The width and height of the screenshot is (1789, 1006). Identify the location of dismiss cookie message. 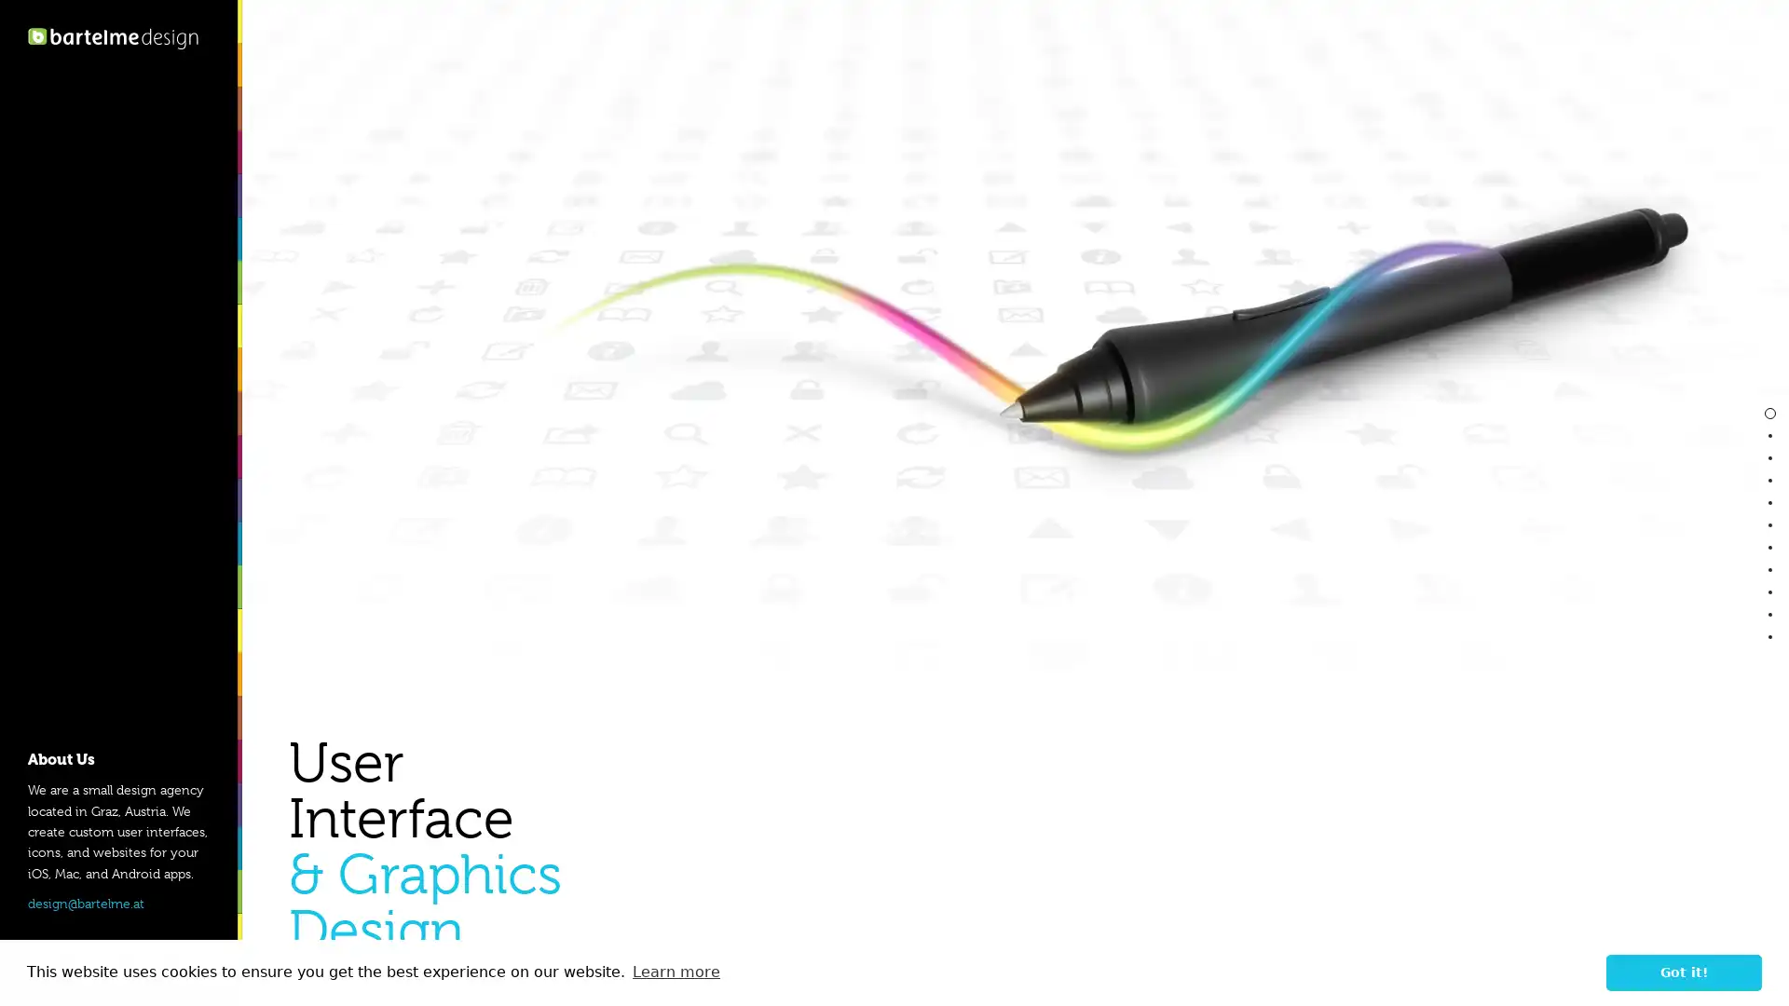
(1684, 972).